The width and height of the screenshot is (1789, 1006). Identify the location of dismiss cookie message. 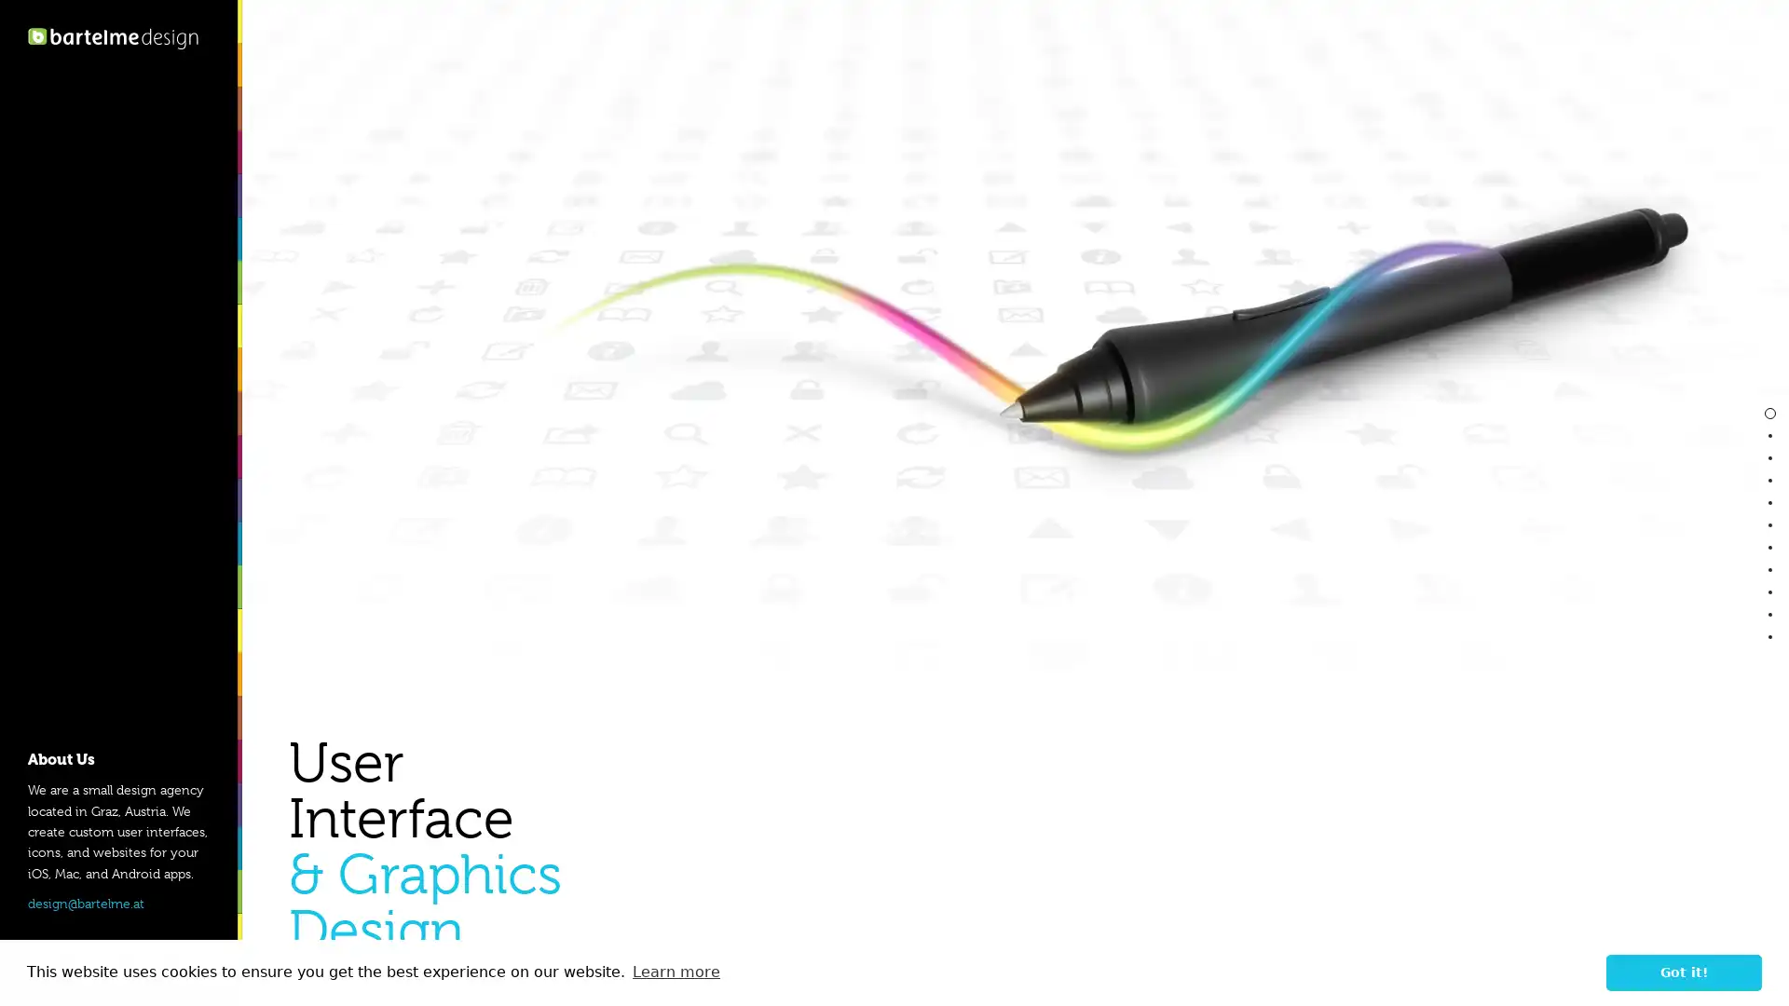
(1684, 972).